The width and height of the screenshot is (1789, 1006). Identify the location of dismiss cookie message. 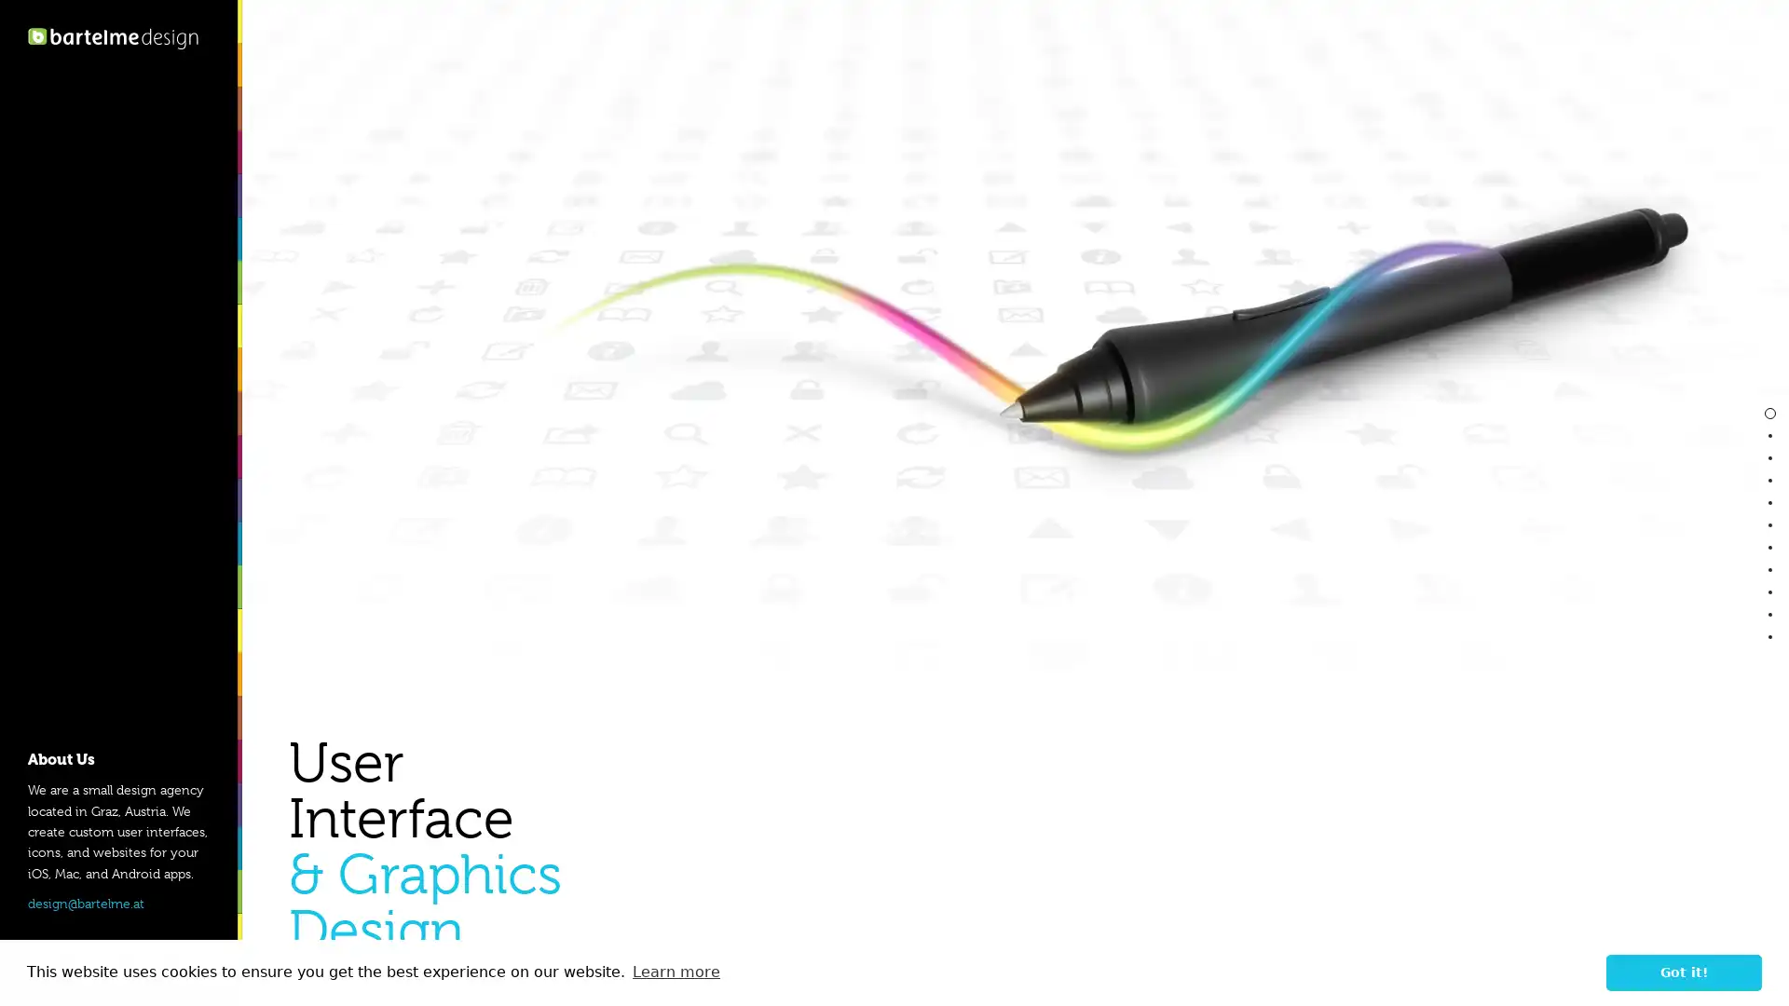
(1684, 972).